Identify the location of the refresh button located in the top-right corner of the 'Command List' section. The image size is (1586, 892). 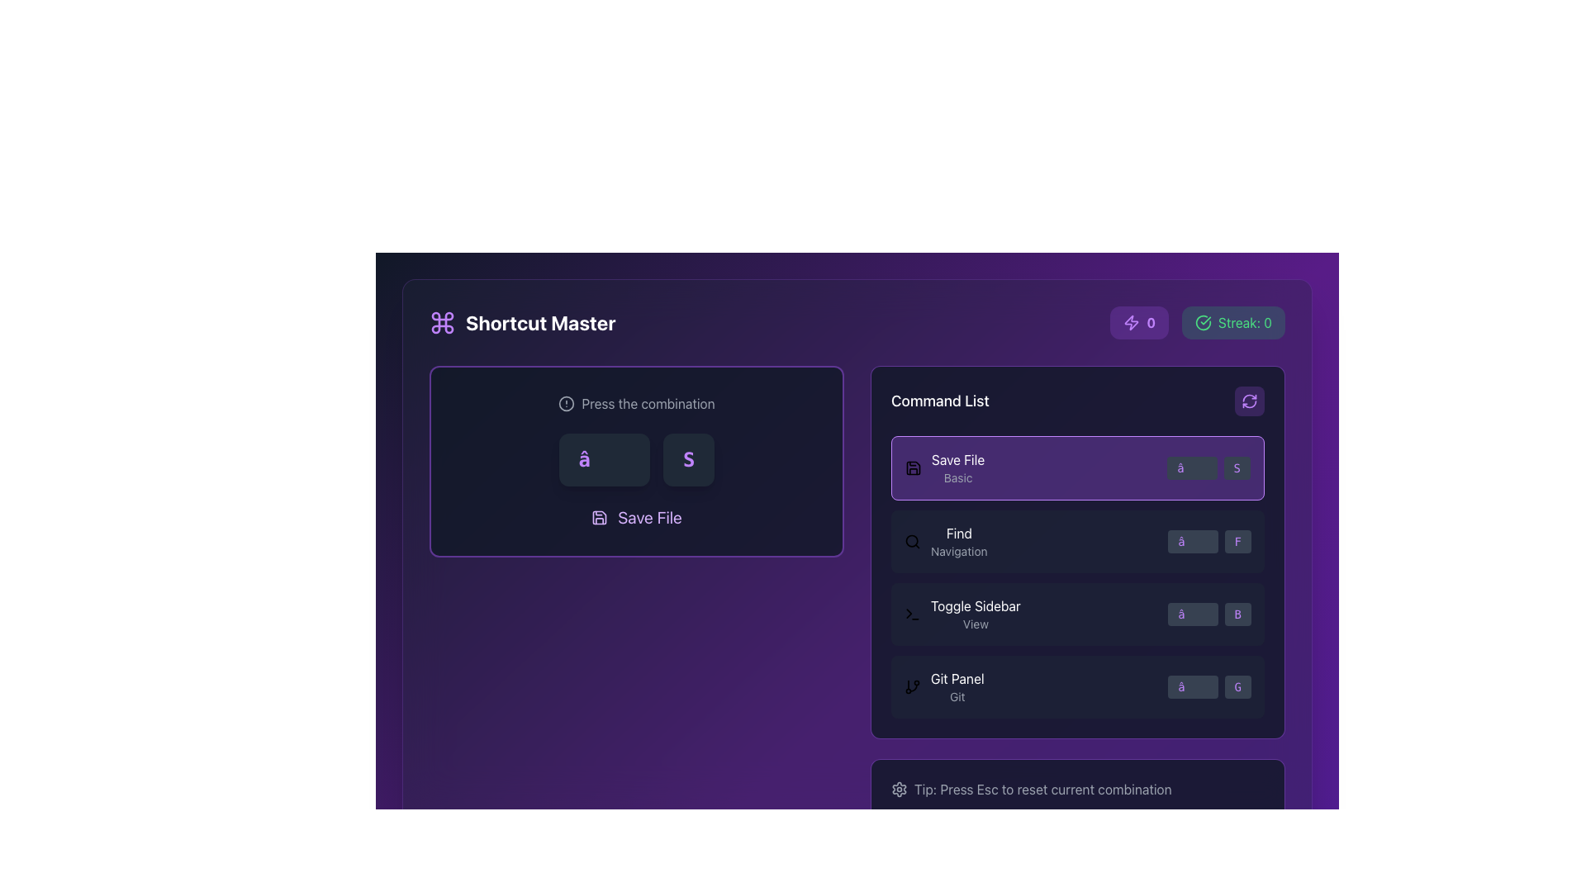
(1249, 401).